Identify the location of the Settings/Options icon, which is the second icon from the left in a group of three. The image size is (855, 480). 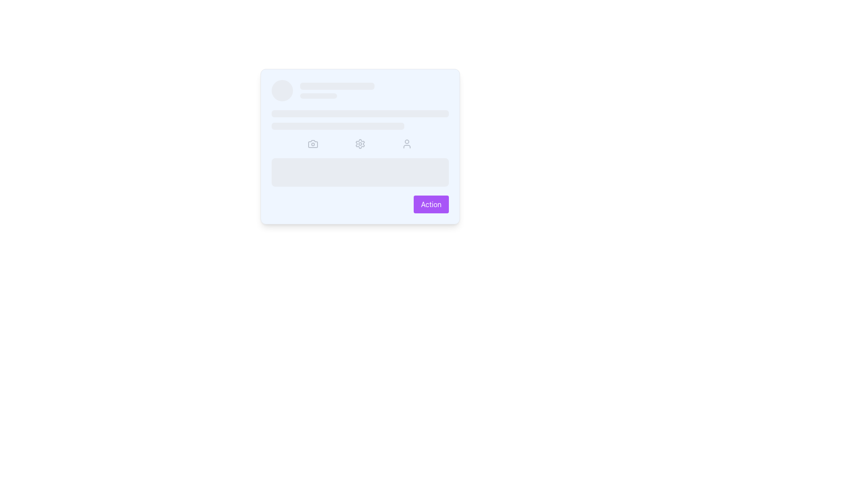
(360, 144).